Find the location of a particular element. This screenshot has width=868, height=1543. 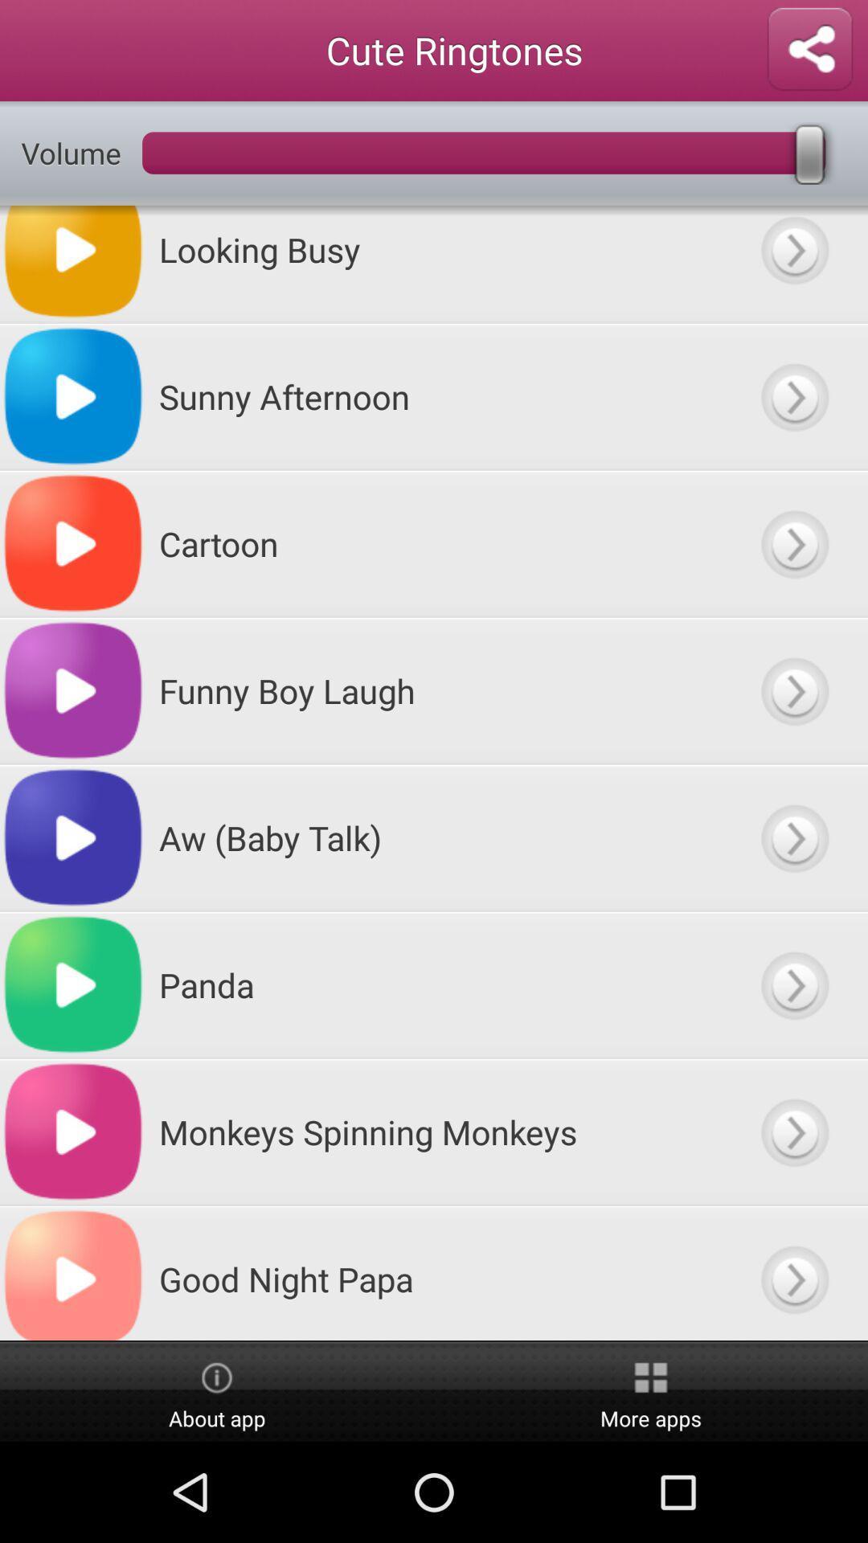

next is located at coordinates (793, 984).